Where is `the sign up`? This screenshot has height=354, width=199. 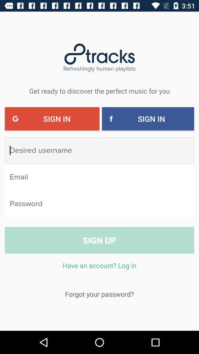
the sign up is located at coordinates (99, 240).